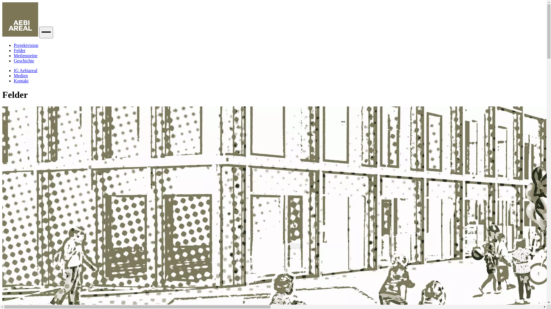  I want to click on 'Kontakt', so click(21, 81).